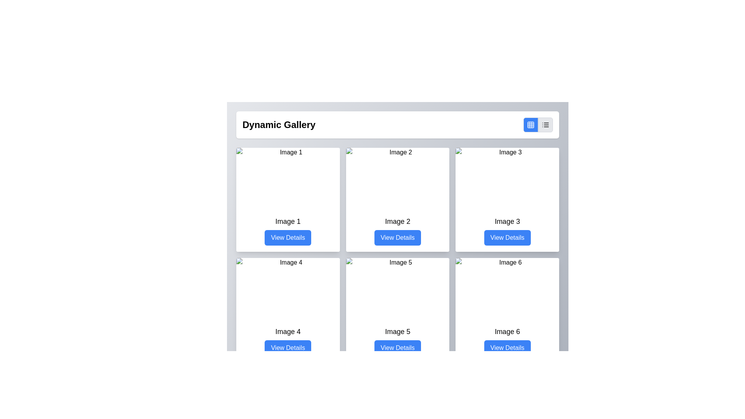 This screenshot has height=419, width=745. Describe the element at coordinates (530, 124) in the screenshot. I see `the grid layout icon inside the toggle button located in the top-right corner of the interface` at that location.